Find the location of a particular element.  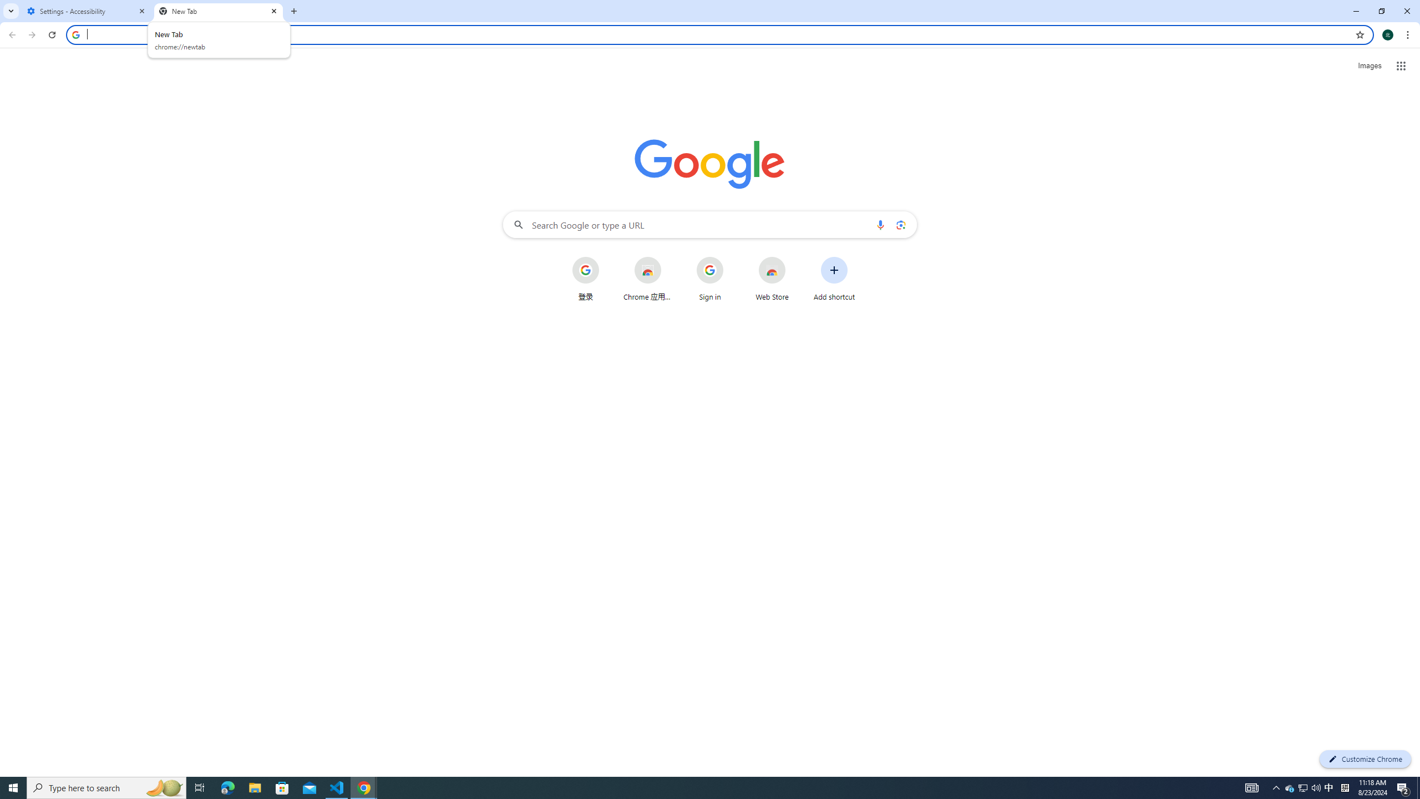

'New Tab' is located at coordinates (219, 11).